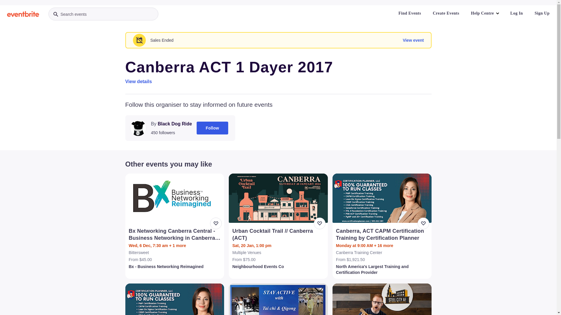 This screenshot has width=561, height=315. What do you see at coordinates (428, 13) in the screenshot?
I see `'Create Events'` at bounding box center [428, 13].